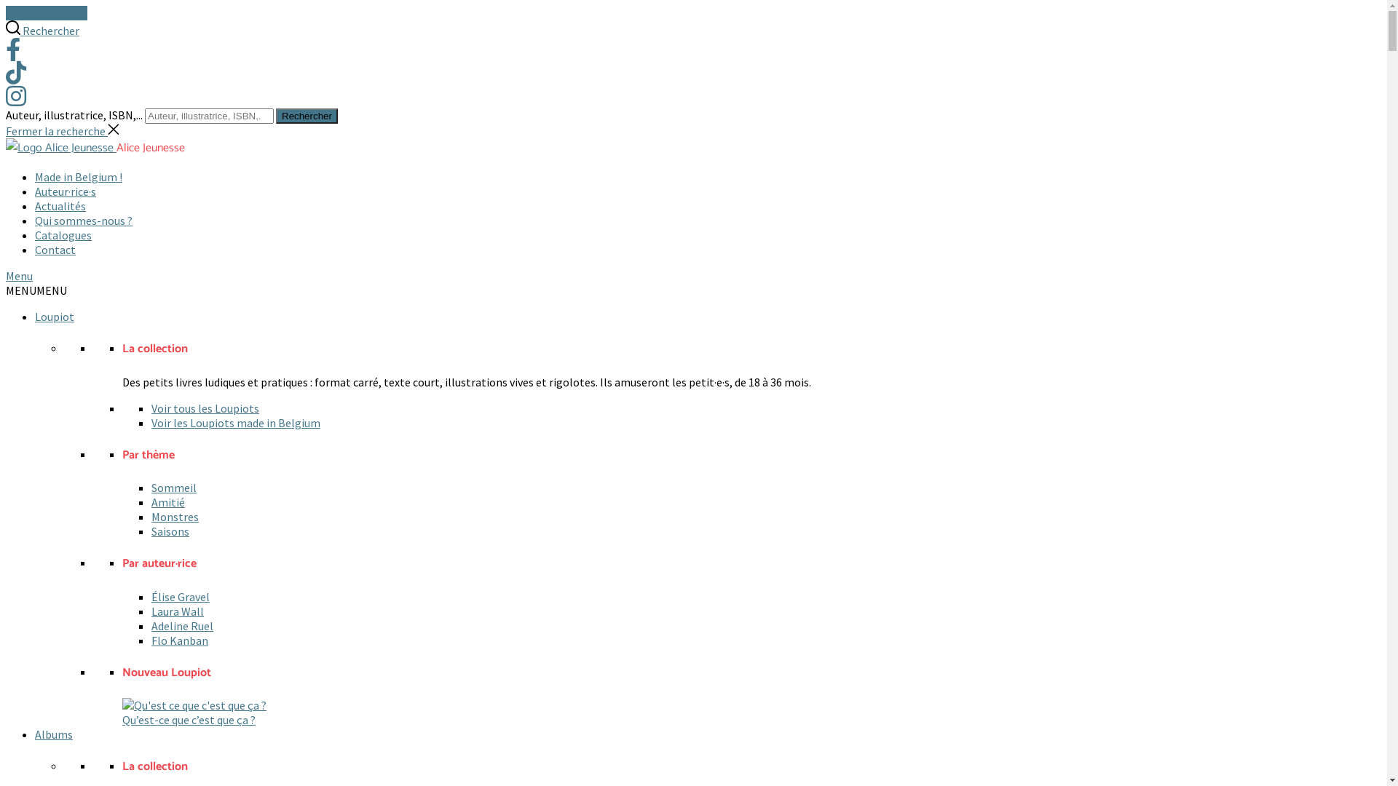 The height and width of the screenshot is (786, 1398). What do you see at coordinates (181, 625) in the screenshot?
I see `'Adeline Ruel'` at bounding box center [181, 625].